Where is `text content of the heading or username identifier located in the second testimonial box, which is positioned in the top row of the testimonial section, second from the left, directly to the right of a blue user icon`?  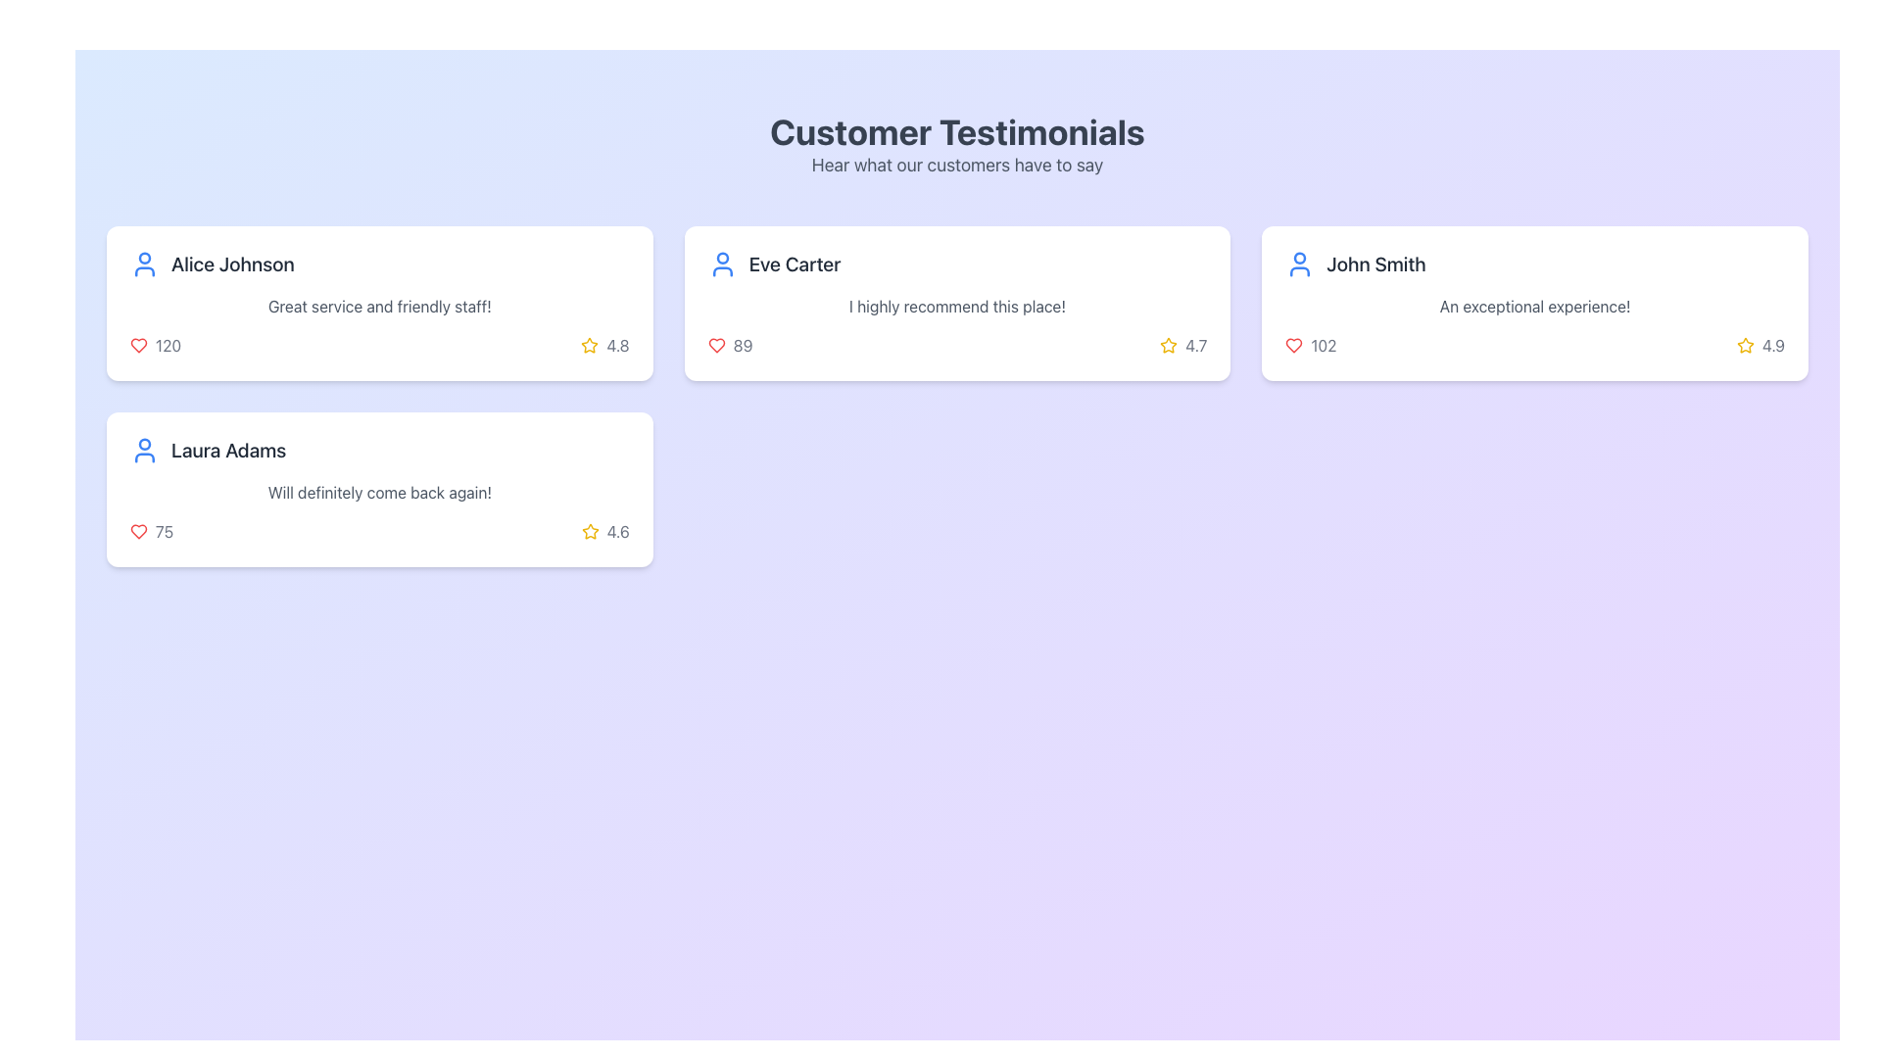
text content of the heading or username identifier located in the second testimonial box, which is positioned in the top row of the testimonial section, second from the left, directly to the right of a blue user icon is located at coordinates (795, 264).